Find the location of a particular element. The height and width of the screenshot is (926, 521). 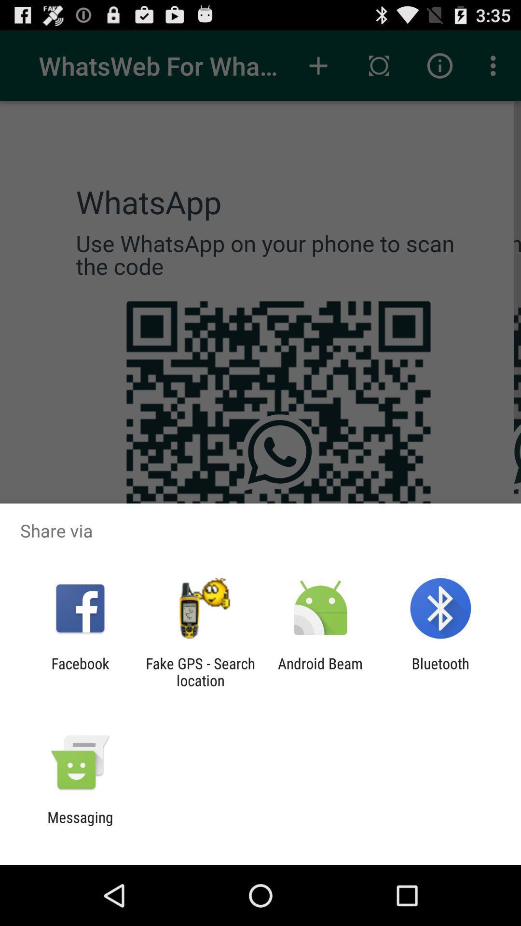

android beam is located at coordinates (320, 671).